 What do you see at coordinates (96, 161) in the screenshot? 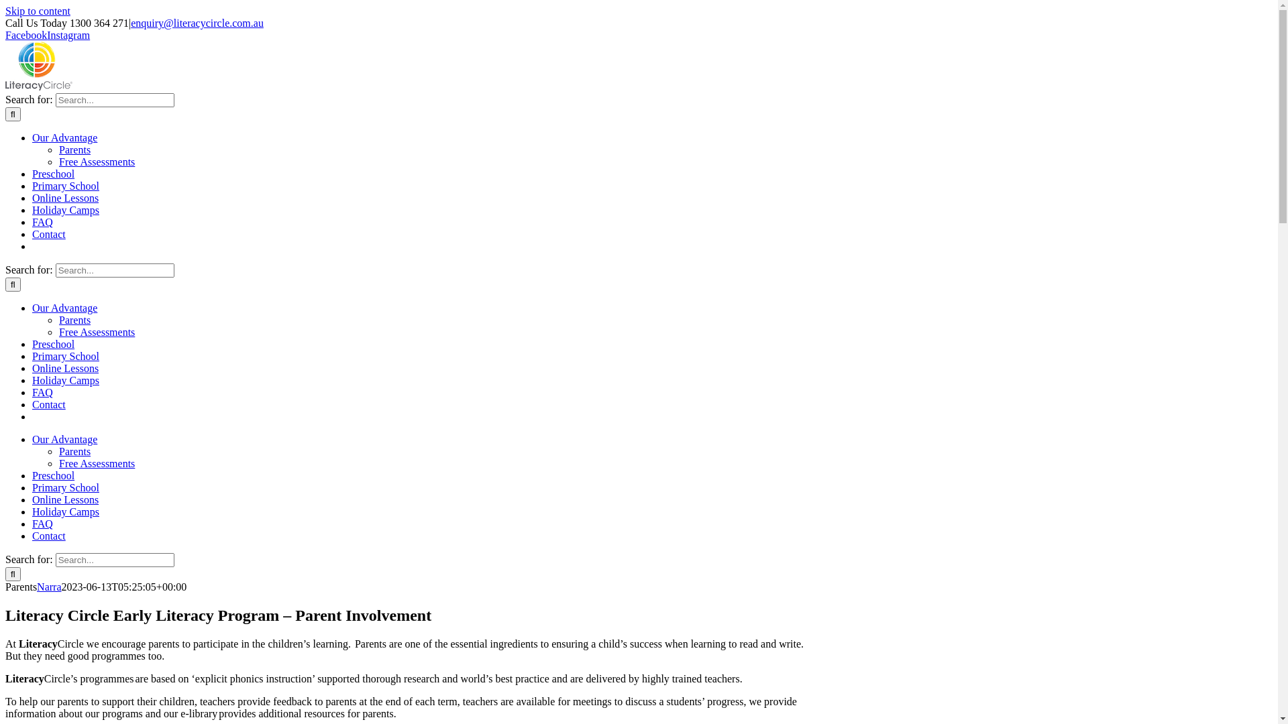
I see `'Free Assessments'` at bounding box center [96, 161].